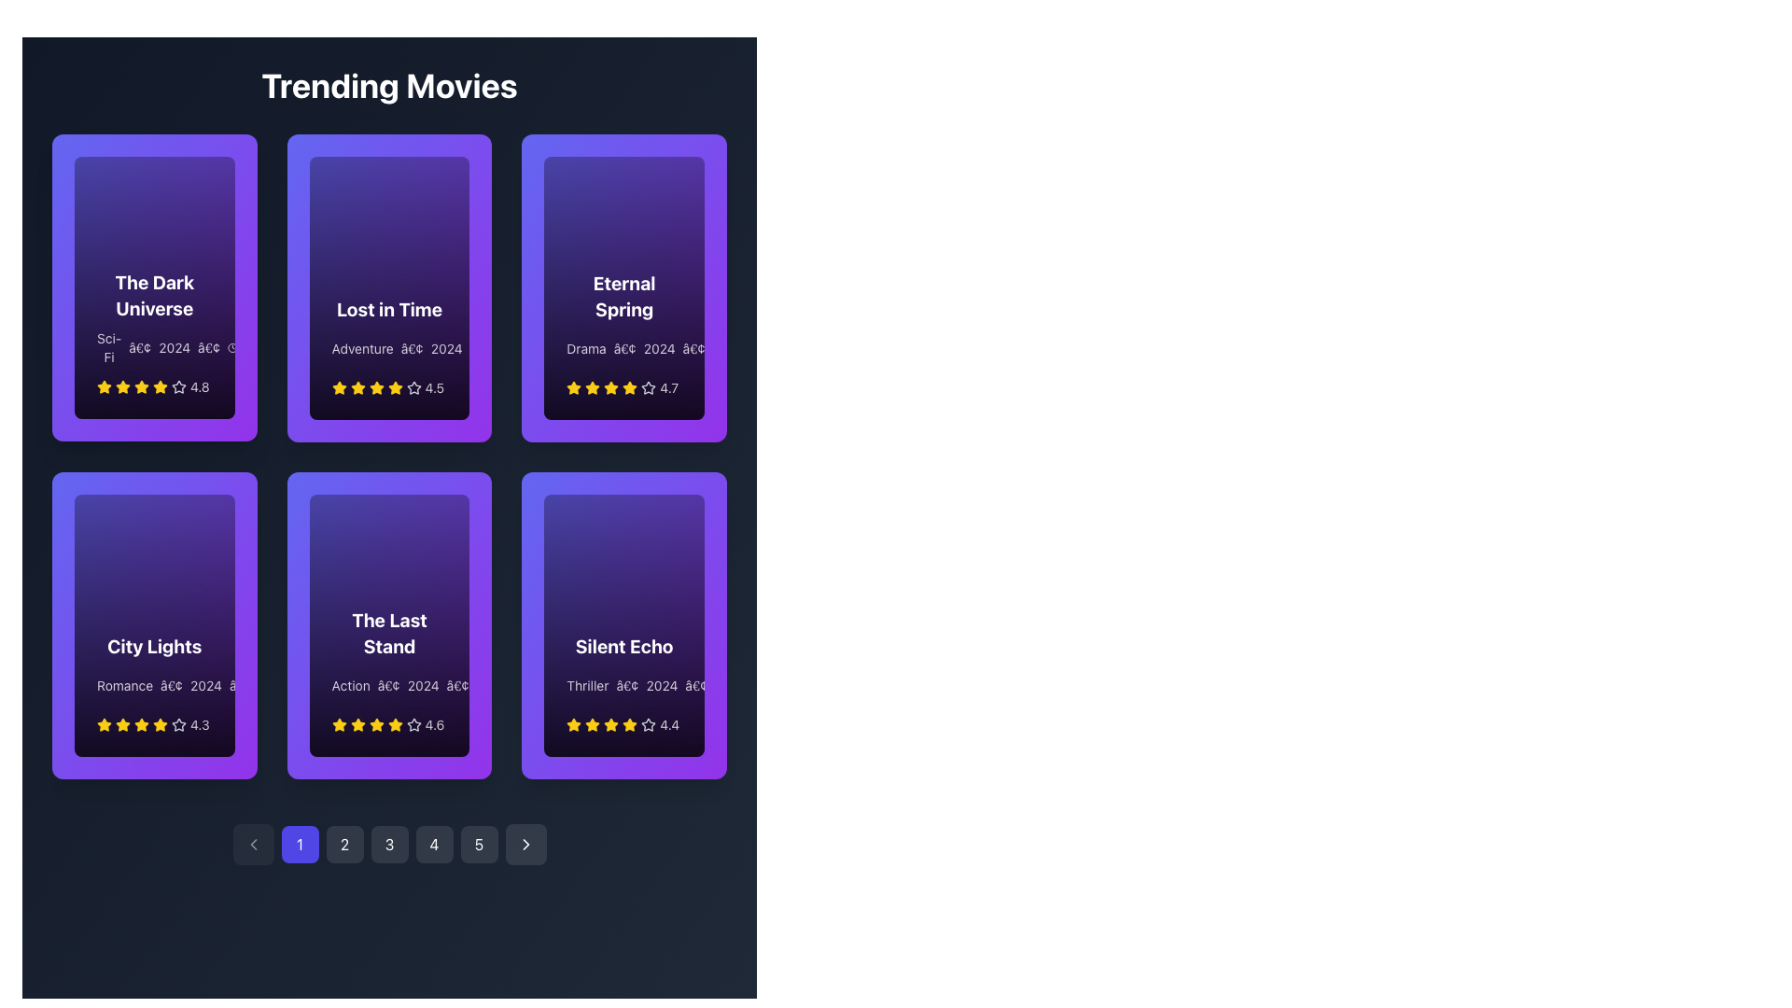 The height and width of the screenshot is (1008, 1792). What do you see at coordinates (694, 511) in the screenshot?
I see `the play icon located in the top-right corner of the 'Silent Echo' card` at bounding box center [694, 511].